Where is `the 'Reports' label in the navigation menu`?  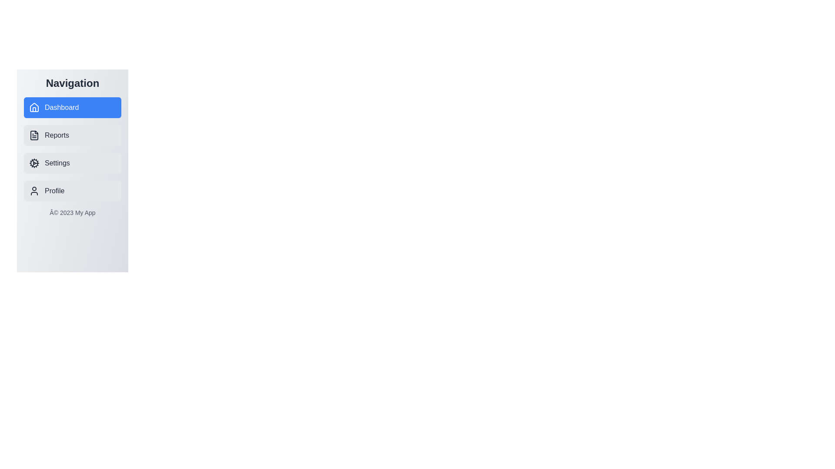
the 'Reports' label in the navigation menu is located at coordinates (56, 135).